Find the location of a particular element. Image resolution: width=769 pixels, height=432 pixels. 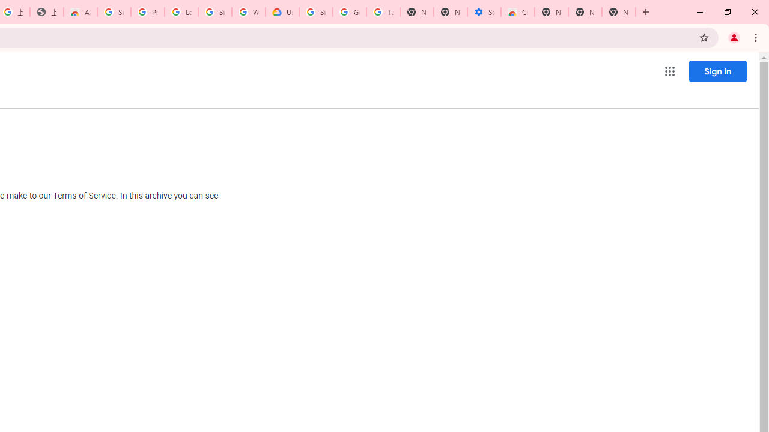

'New Tab' is located at coordinates (619, 12).